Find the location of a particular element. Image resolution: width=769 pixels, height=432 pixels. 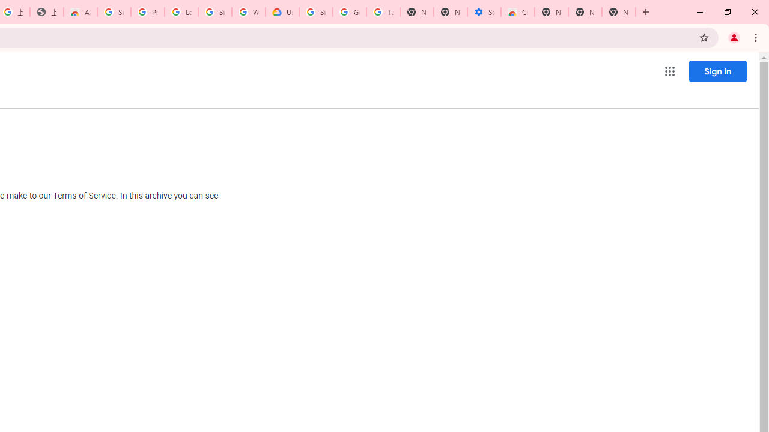

'New Tab' is located at coordinates (619, 12).